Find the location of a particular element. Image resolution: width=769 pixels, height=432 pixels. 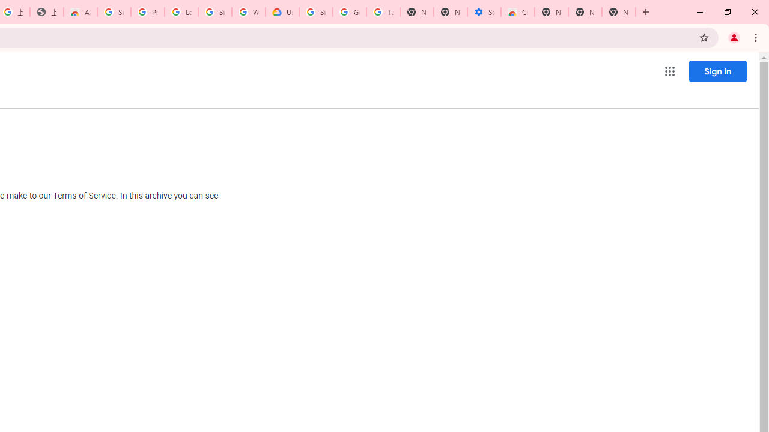

'New Tab' is located at coordinates (619, 12).